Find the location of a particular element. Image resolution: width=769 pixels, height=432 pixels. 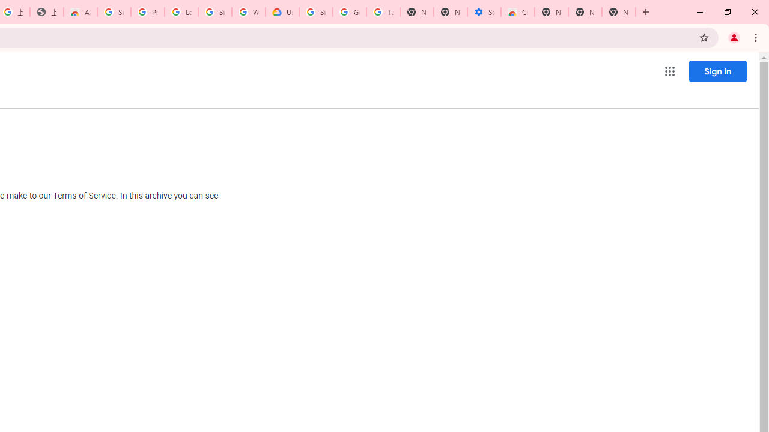

'New Tab' is located at coordinates (619, 12).